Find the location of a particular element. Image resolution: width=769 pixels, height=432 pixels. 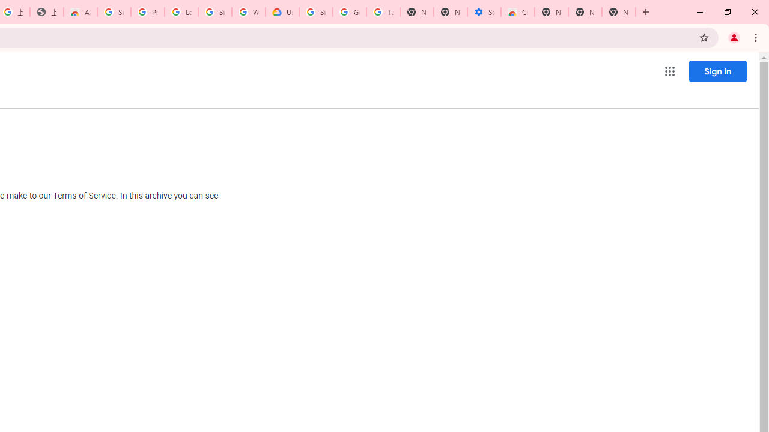

'New Tab' is located at coordinates (619, 12).